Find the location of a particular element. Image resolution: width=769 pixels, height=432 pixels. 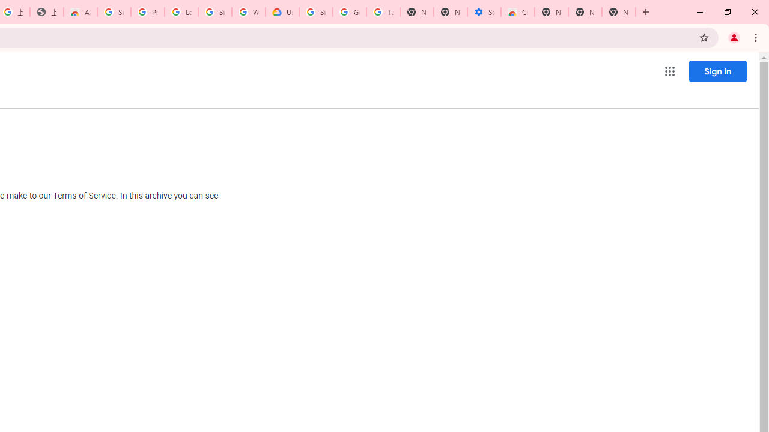

'New Tab' is located at coordinates (619, 12).